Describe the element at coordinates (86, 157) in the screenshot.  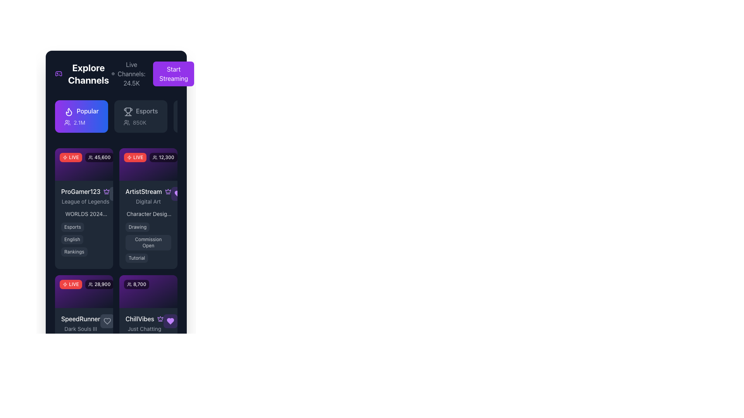
I see `the label with badges indicating the live status and viewer count of the first streaming channel in the 'Explore Channels' section` at that location.